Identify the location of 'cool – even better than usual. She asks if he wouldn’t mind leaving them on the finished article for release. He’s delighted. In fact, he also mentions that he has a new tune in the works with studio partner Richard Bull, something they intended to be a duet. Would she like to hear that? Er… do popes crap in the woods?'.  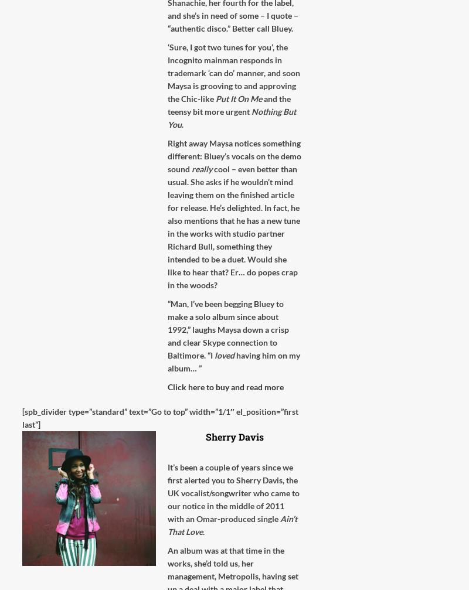
(233, 227).